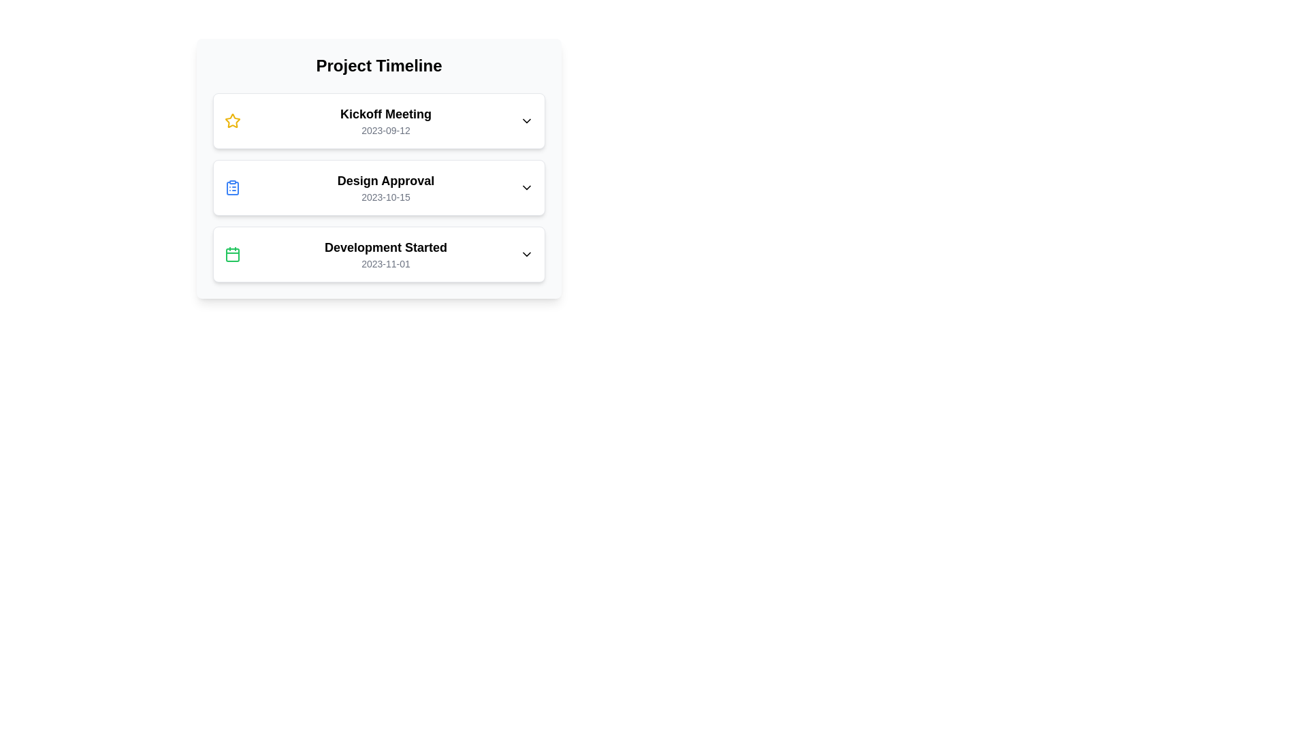 This screenshot has height=735, width=1307. Describe the element at coordinates (526, 255) in the screenshot. I see `the downward-pointing chevron styled dropdown icon located at the far right of the row containing 'Development Started' and the date '2023-11-01'` at that location.